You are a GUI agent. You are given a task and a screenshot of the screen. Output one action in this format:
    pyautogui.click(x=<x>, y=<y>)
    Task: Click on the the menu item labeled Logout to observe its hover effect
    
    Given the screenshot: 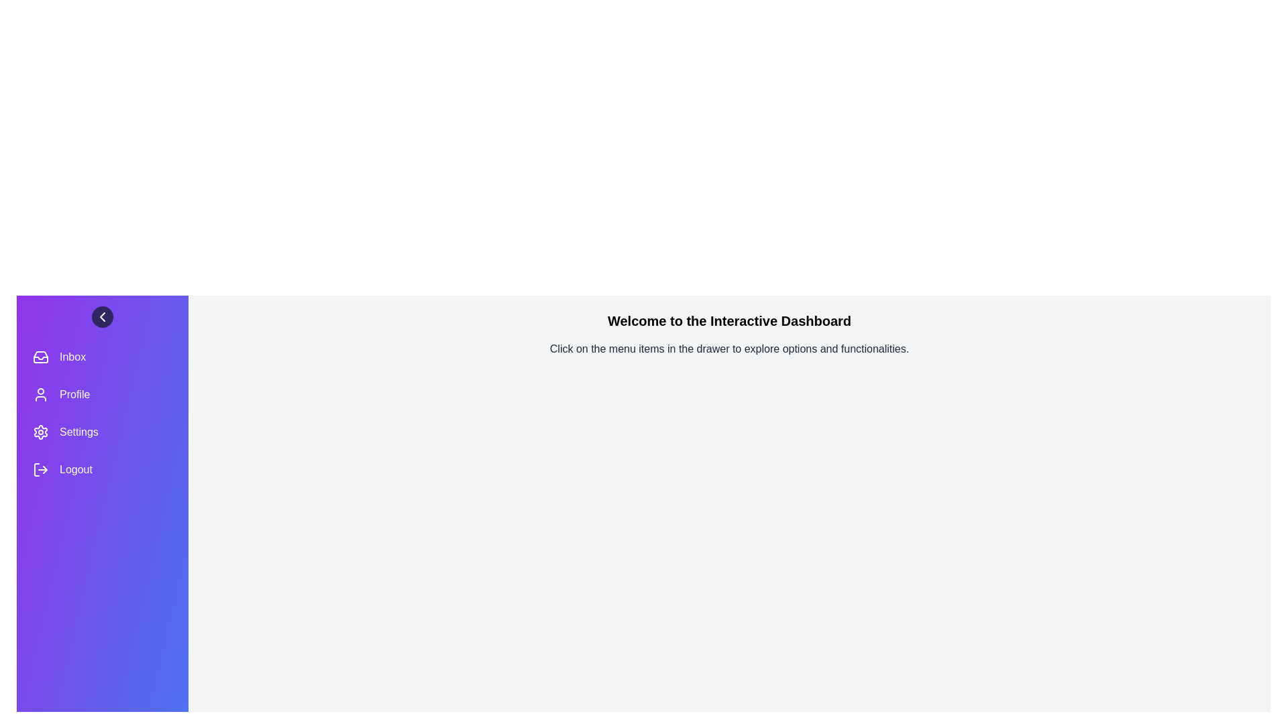 What is the action you would take?
    pyautogui.click(x=102, y=469)
    